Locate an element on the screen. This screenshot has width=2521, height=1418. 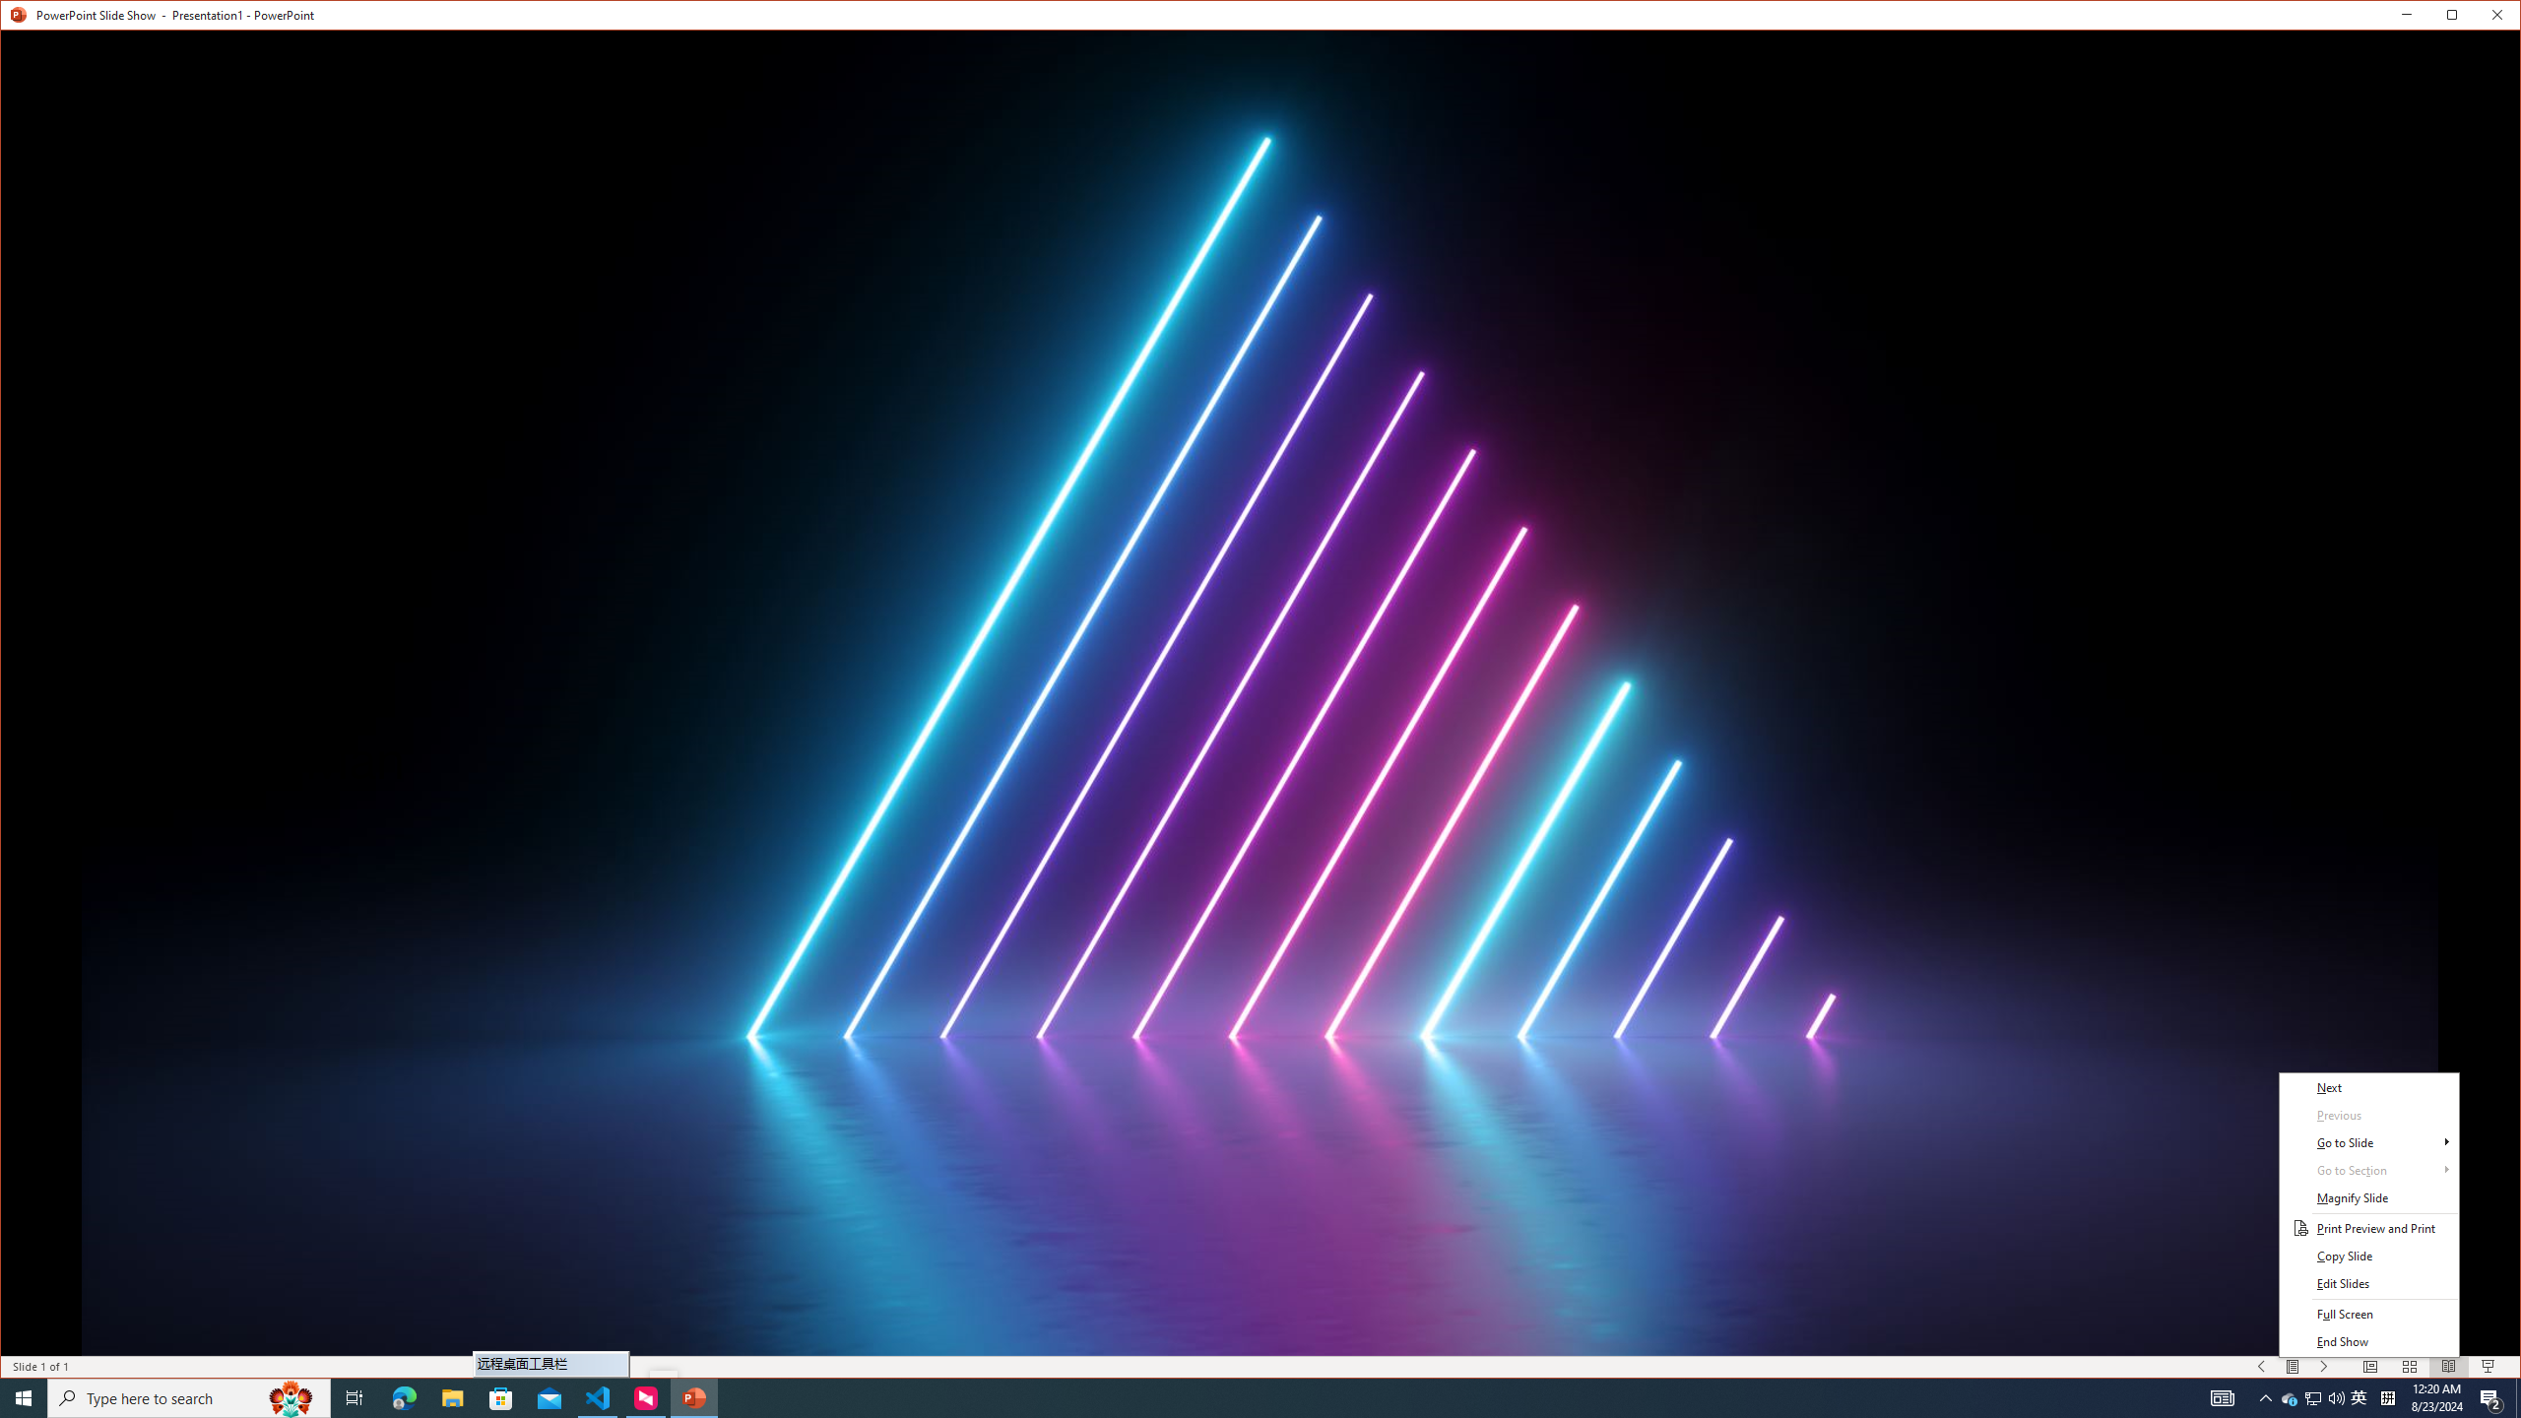
'Go to Slide' is located at coordinates (2368, 1142).